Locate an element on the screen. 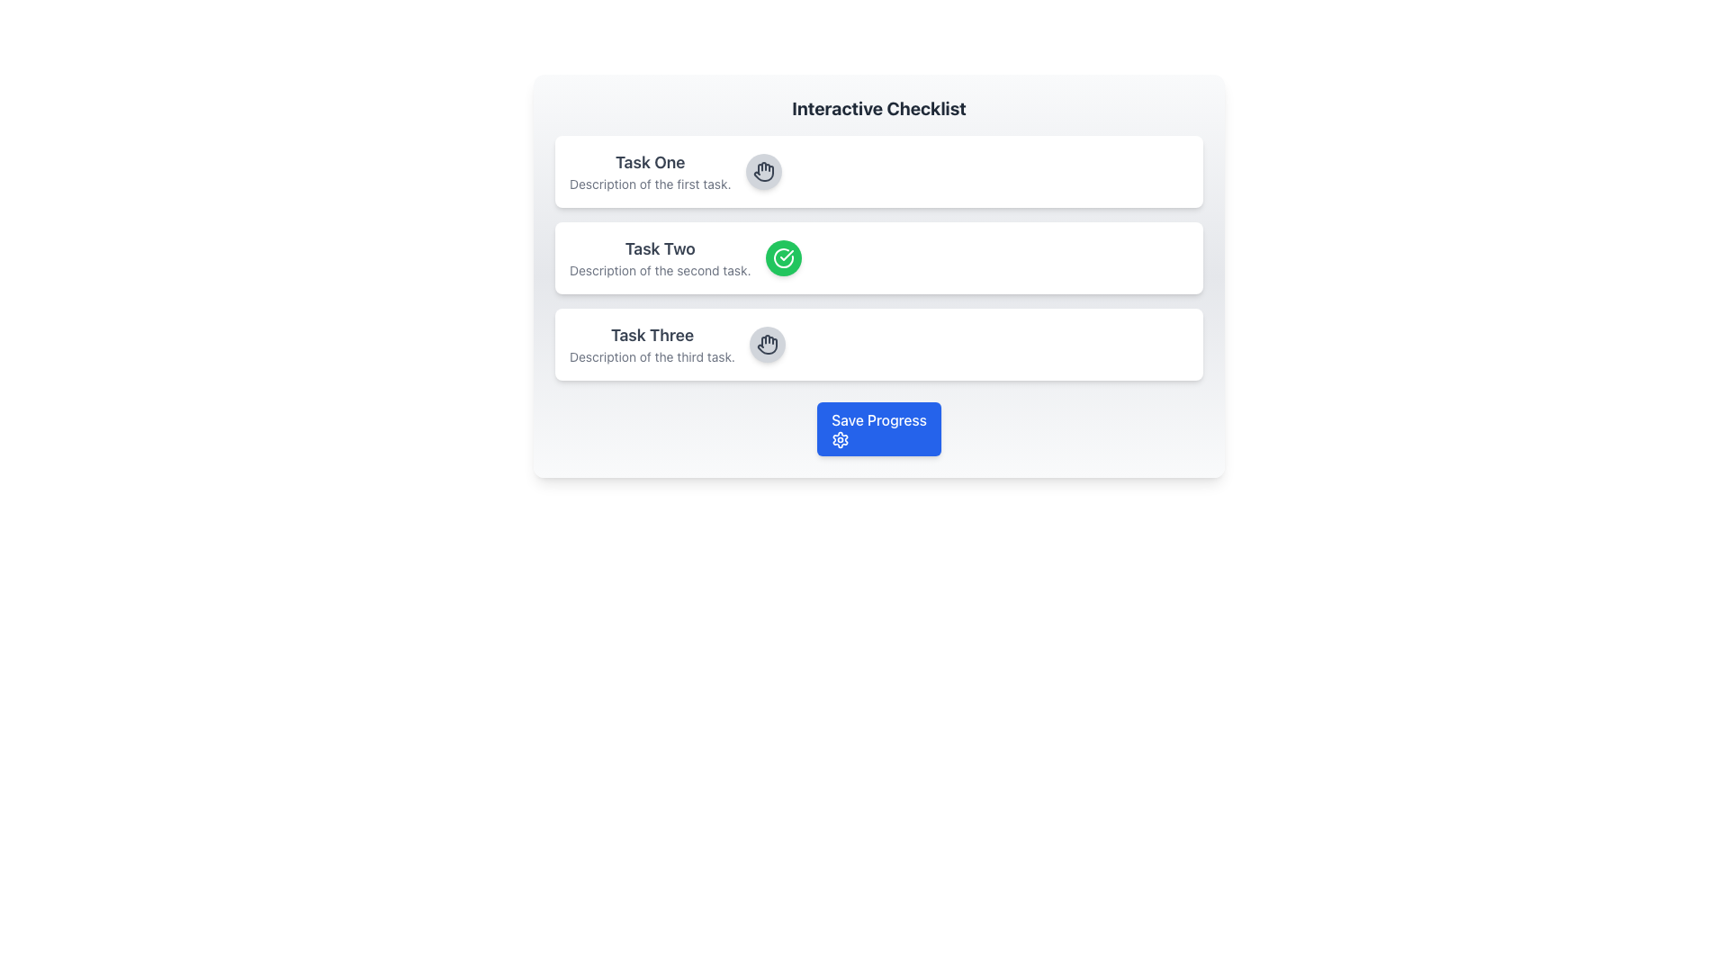  the checkmark icon in the green circular badge indicating a finished or approved state in the second task's row of the checklist interface is located at coordinates (786, 256).